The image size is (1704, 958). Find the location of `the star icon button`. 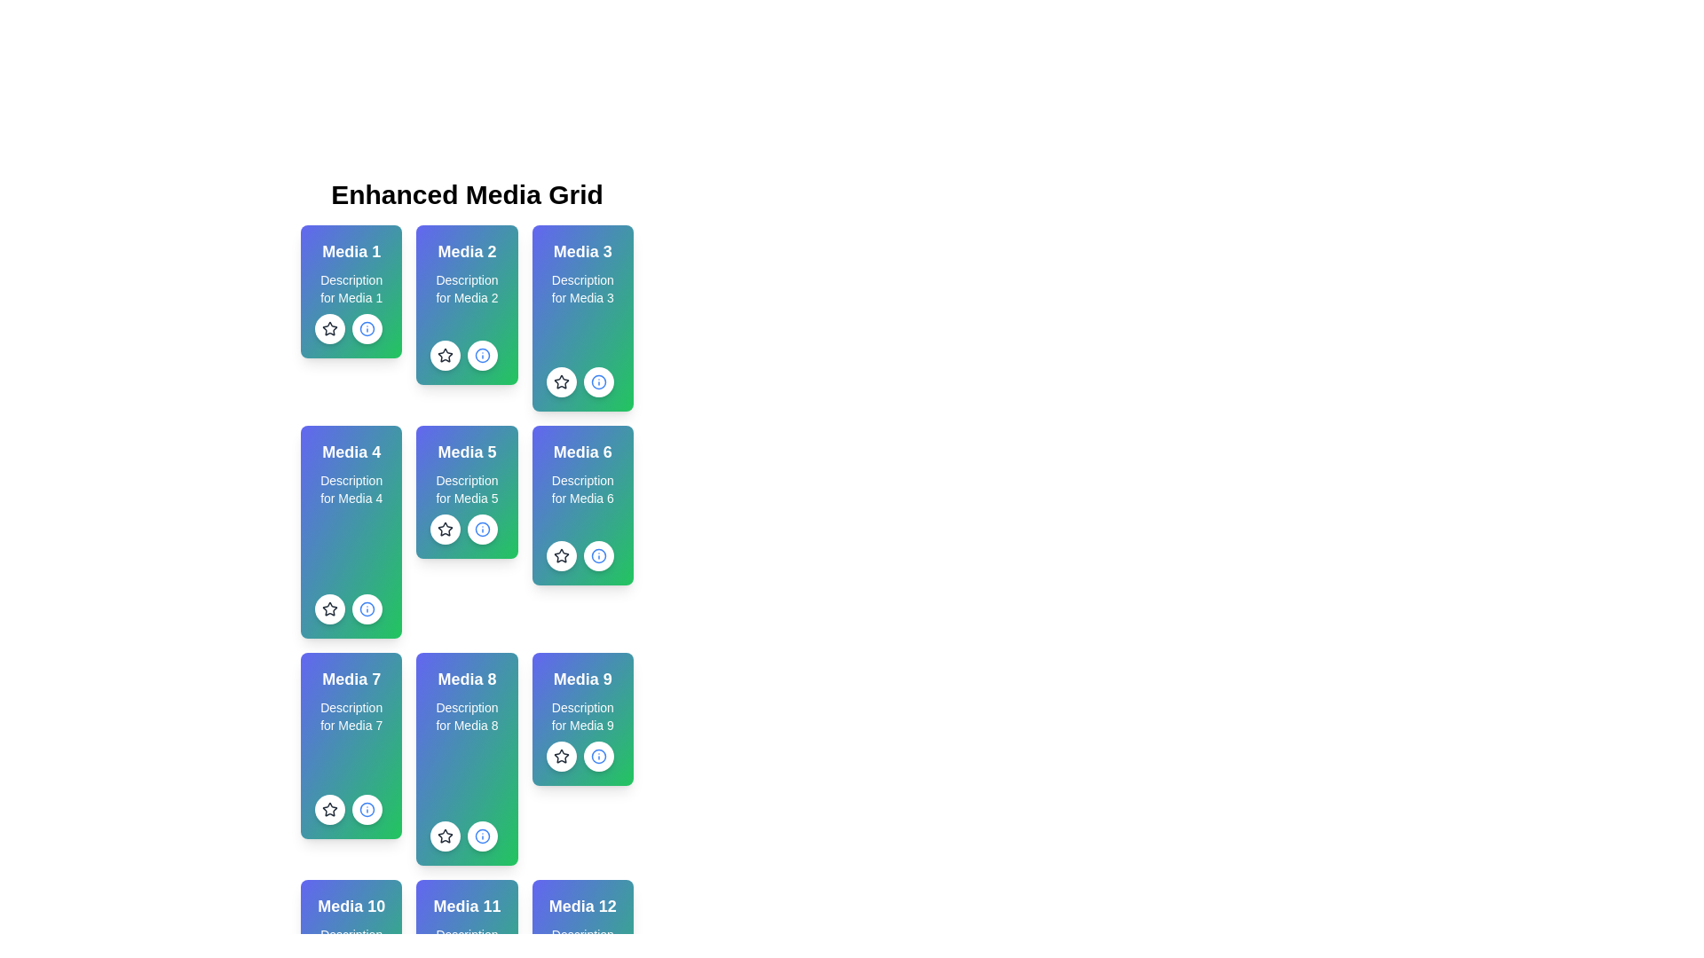

the star icon button is located at coordinates (330, 810).